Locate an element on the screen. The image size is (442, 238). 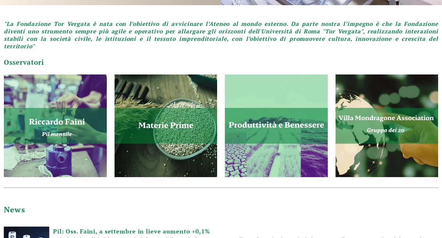
'12' is located at coordinates (19, 16).